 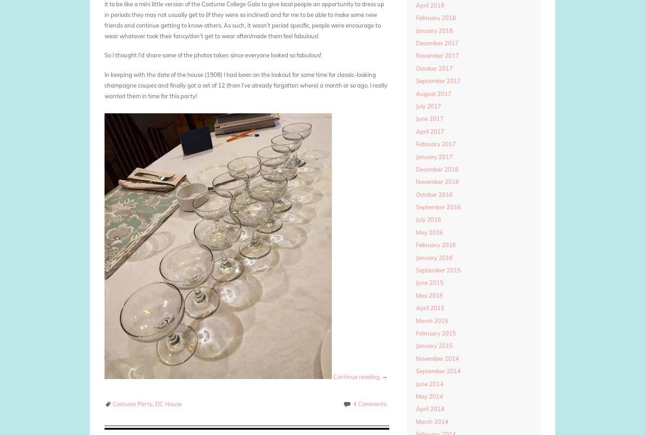 I want to click on 'May 2014', so click(x=428, y=395).